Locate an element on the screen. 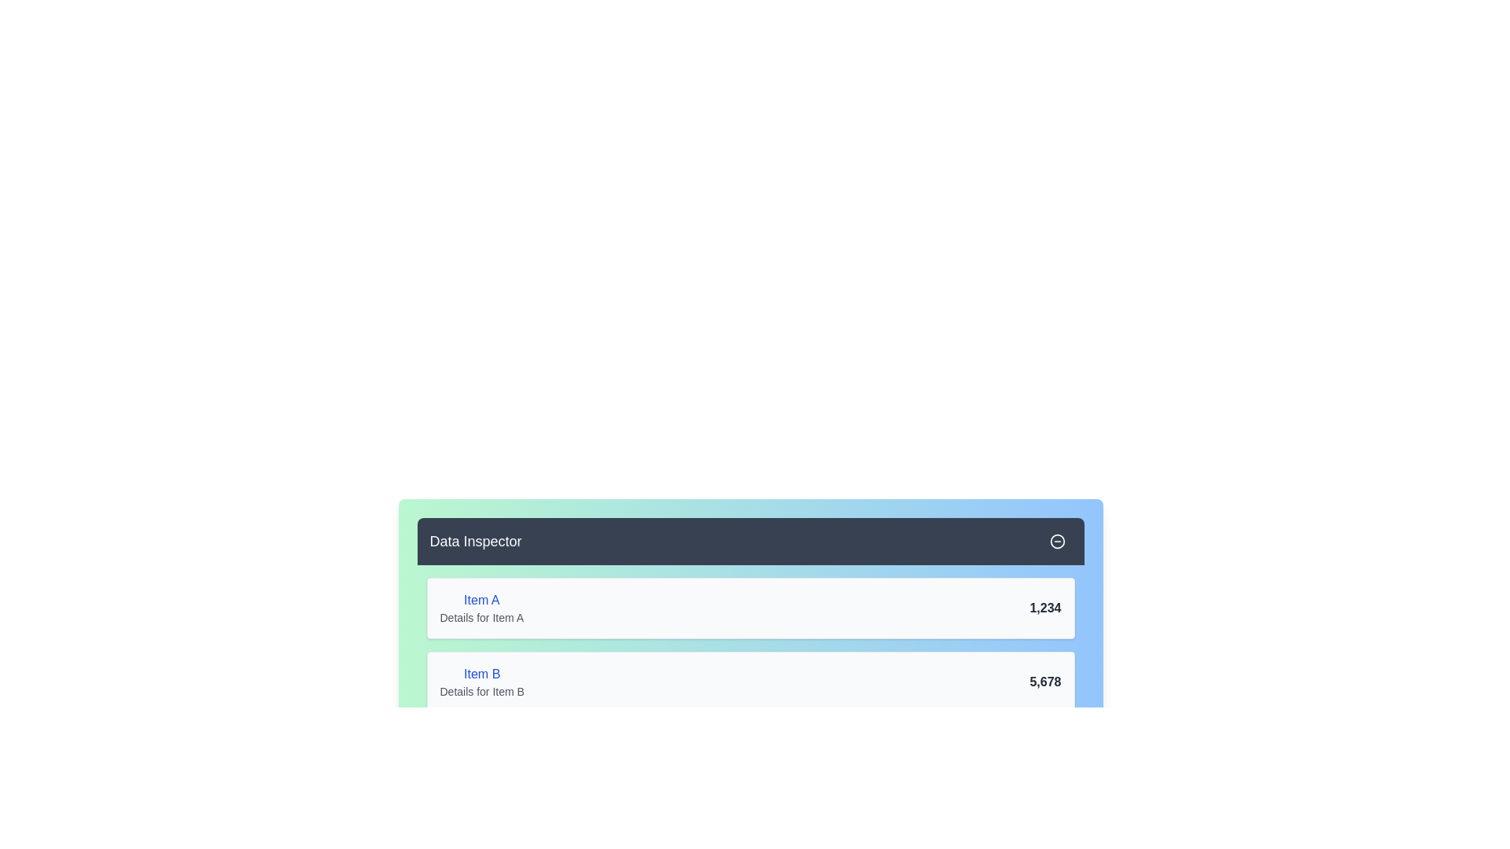 This screenshot has height=849, width=1510. the static text label that serves as the title for the card content, located in the top-left corner of the card beneath the 'Data Inspector' header is located at coordinates (481, 600).